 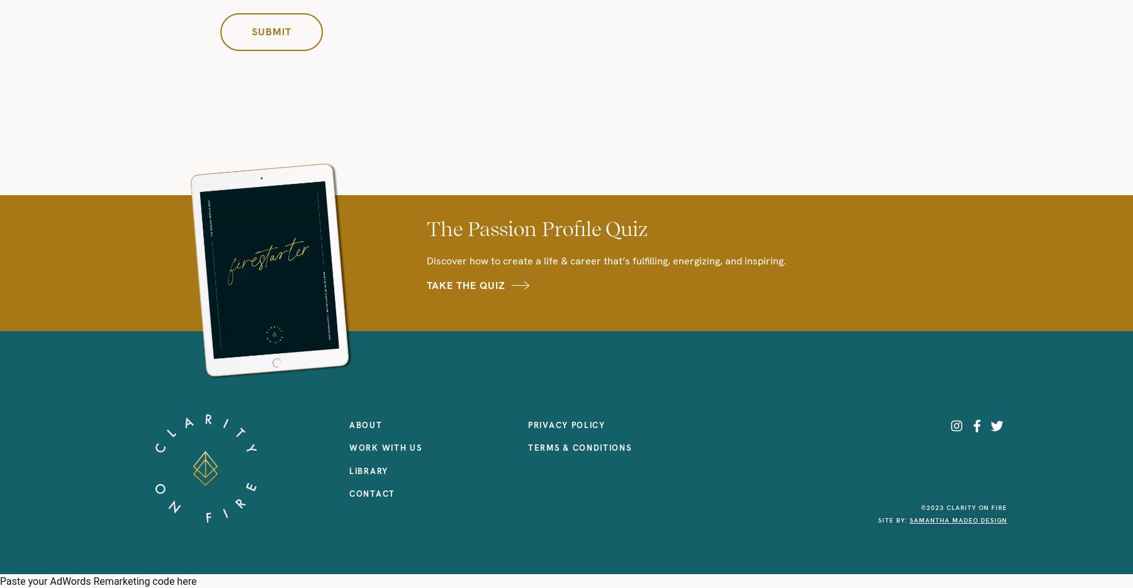 I want to click on 'TERMS & CONDITIONS', so click(x=579, y=448).